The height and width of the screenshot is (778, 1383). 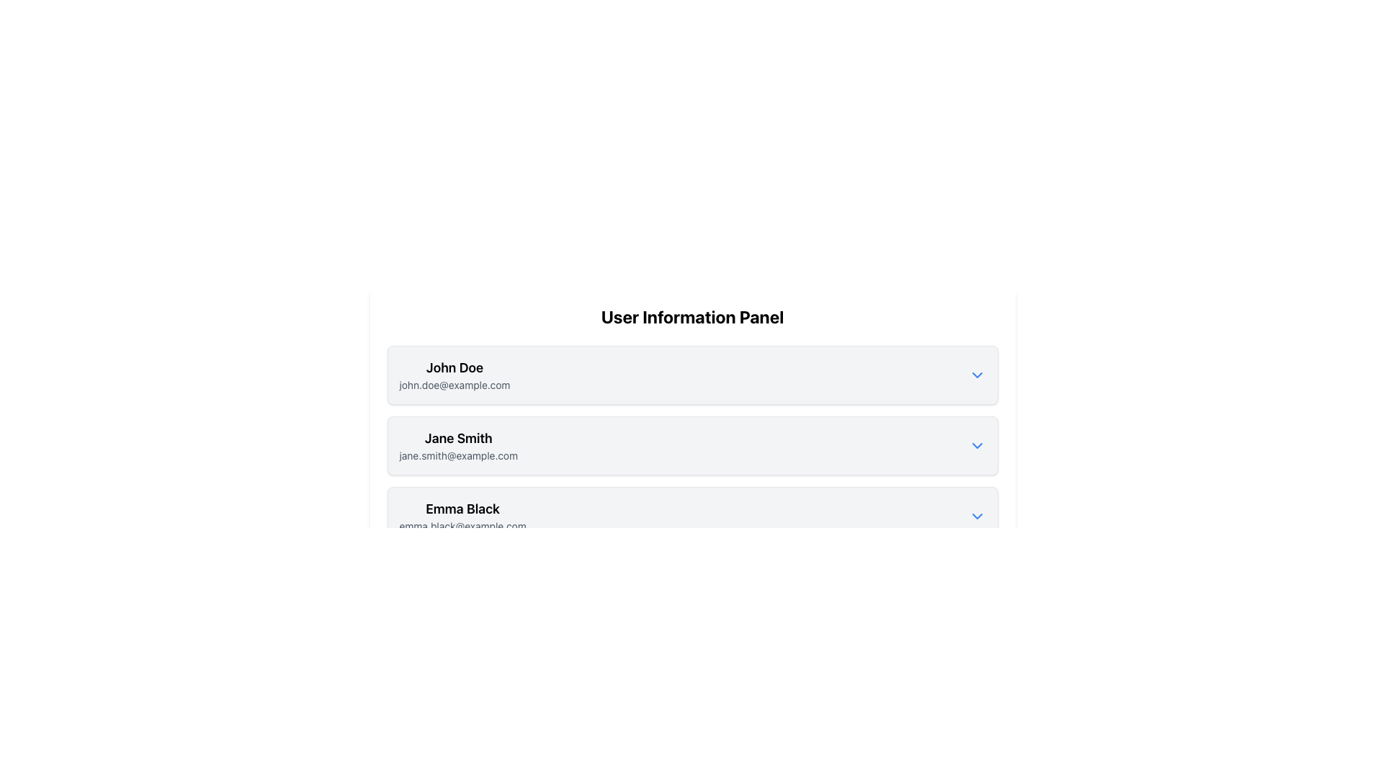 What do you see at coordinates (977, 444) in the screenshot?
I see `the Dropdown Toggle Icon on the far right side of the 'Jane Smith' entry` at bounding box center [977, 444].